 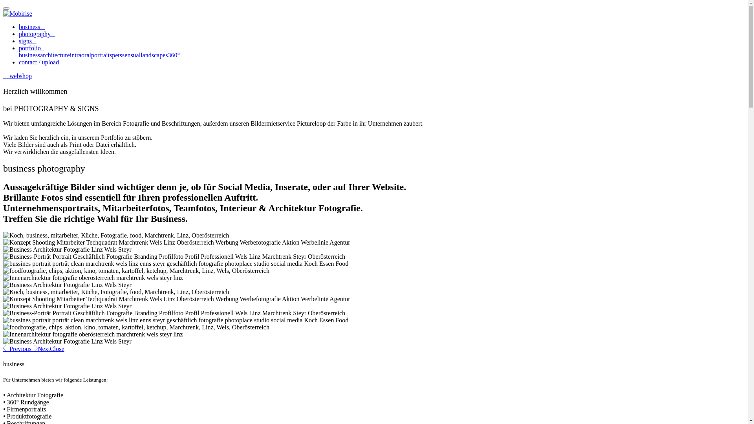 I want to click on 'Next', so click(x=31, y=348).